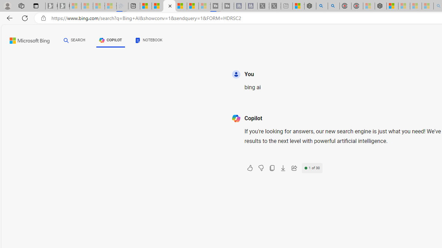 The image size is (442, 248). I want to click on 'Streaming Coverage | T3 - Sleeping', so click(216, 6).